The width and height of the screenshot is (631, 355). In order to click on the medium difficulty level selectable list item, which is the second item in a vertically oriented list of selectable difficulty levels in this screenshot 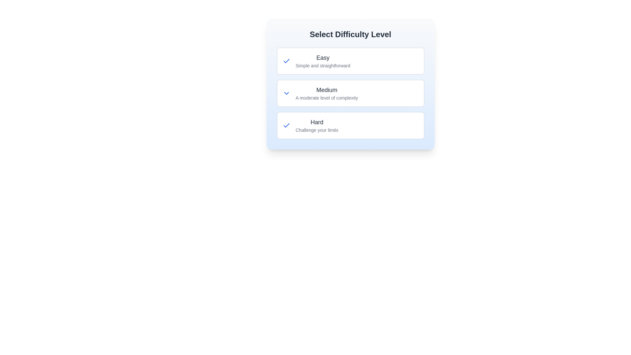, I will do `click(327, 93)`.